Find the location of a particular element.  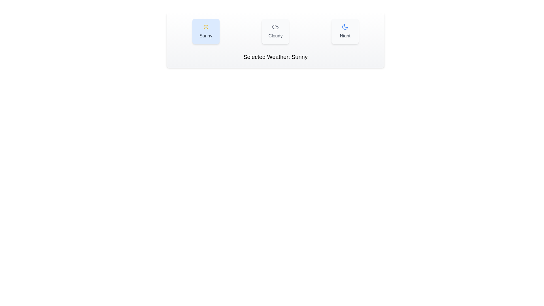

the weather option Sunny by clicking on the corresponding button is located at coordinates (205, 31).